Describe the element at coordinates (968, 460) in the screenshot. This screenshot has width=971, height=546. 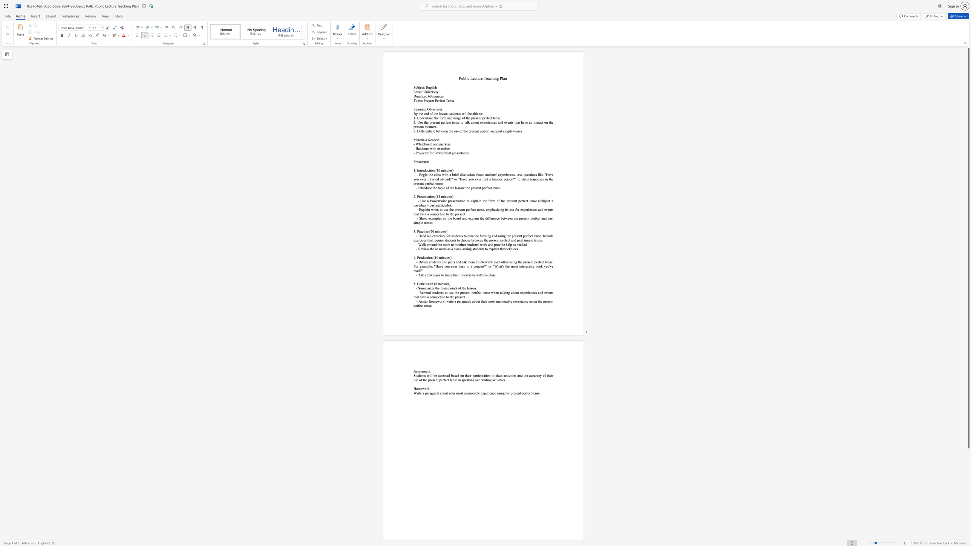
I see `the right-hand scrollbar to descend the page` at that location.